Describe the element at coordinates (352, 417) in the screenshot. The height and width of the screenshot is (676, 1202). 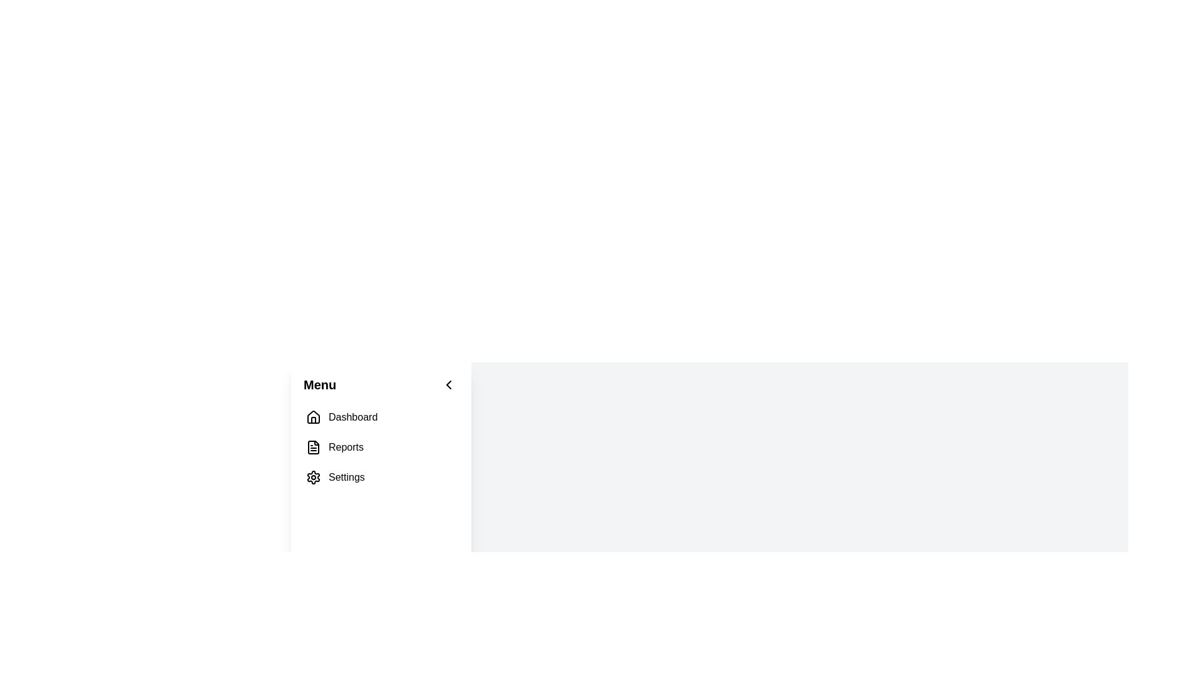
I see `the 'Dashboard' text label in the vertical navigation bar` at that location.